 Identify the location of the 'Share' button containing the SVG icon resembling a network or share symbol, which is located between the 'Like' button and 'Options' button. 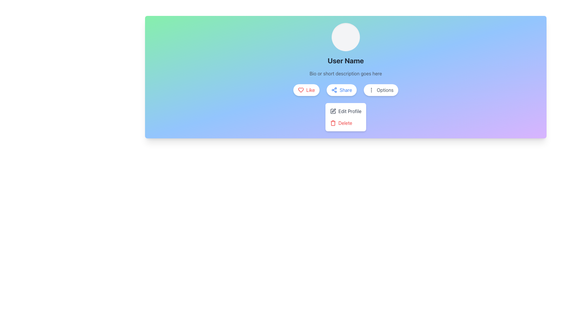
(334, 90).